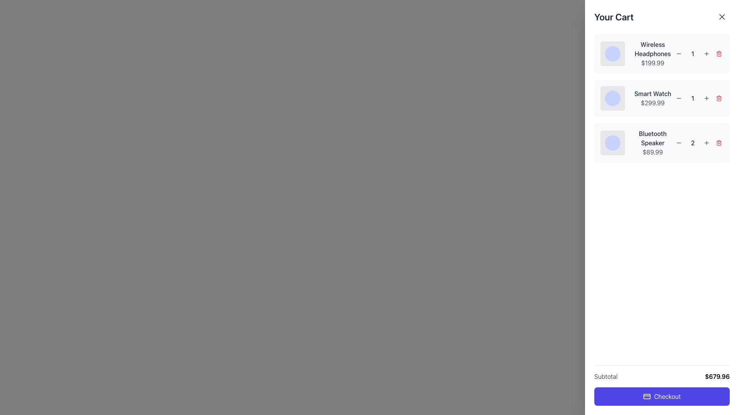  What do you see at coordinates (699, 143) in the screenshot?
I see `the numeric display showing the quantity of the 'Bluetooth Speaker' product in the cart, which currently displays '2'` at bounding box center [699, 143].